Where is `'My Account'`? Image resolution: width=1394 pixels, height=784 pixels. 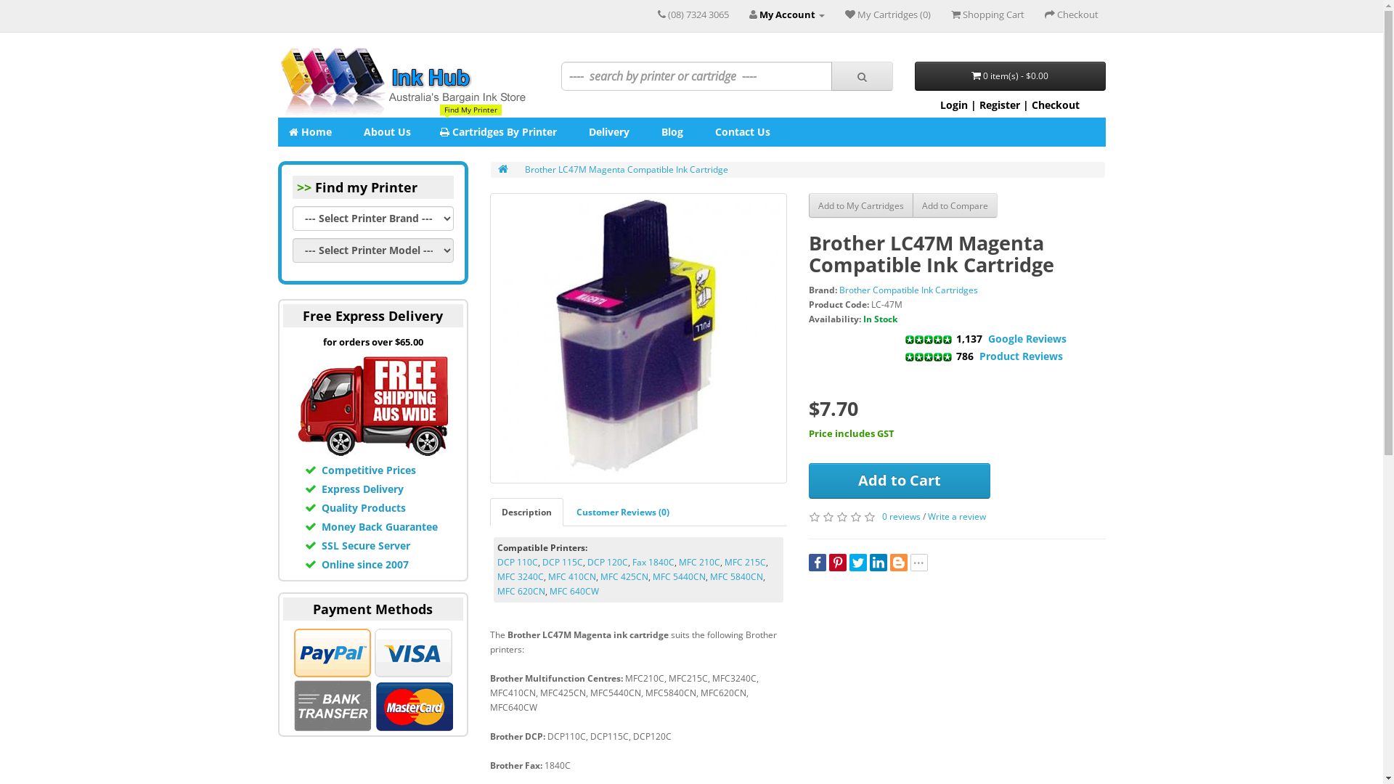
'My Account' is located at coordinates (786, 14).